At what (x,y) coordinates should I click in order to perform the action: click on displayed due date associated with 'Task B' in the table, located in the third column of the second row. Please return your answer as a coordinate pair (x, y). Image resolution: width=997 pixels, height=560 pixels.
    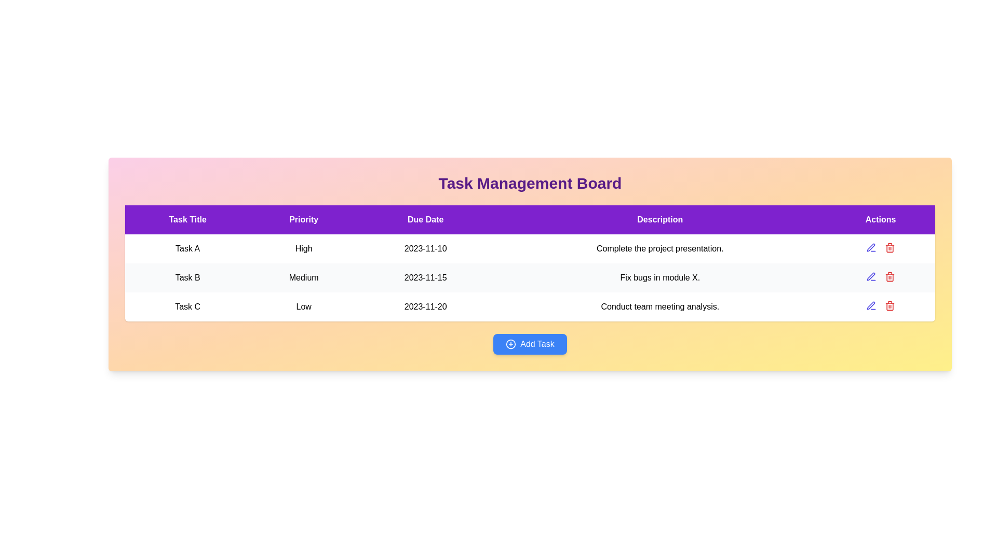
    Looking at the image, I should click on (425, 277).